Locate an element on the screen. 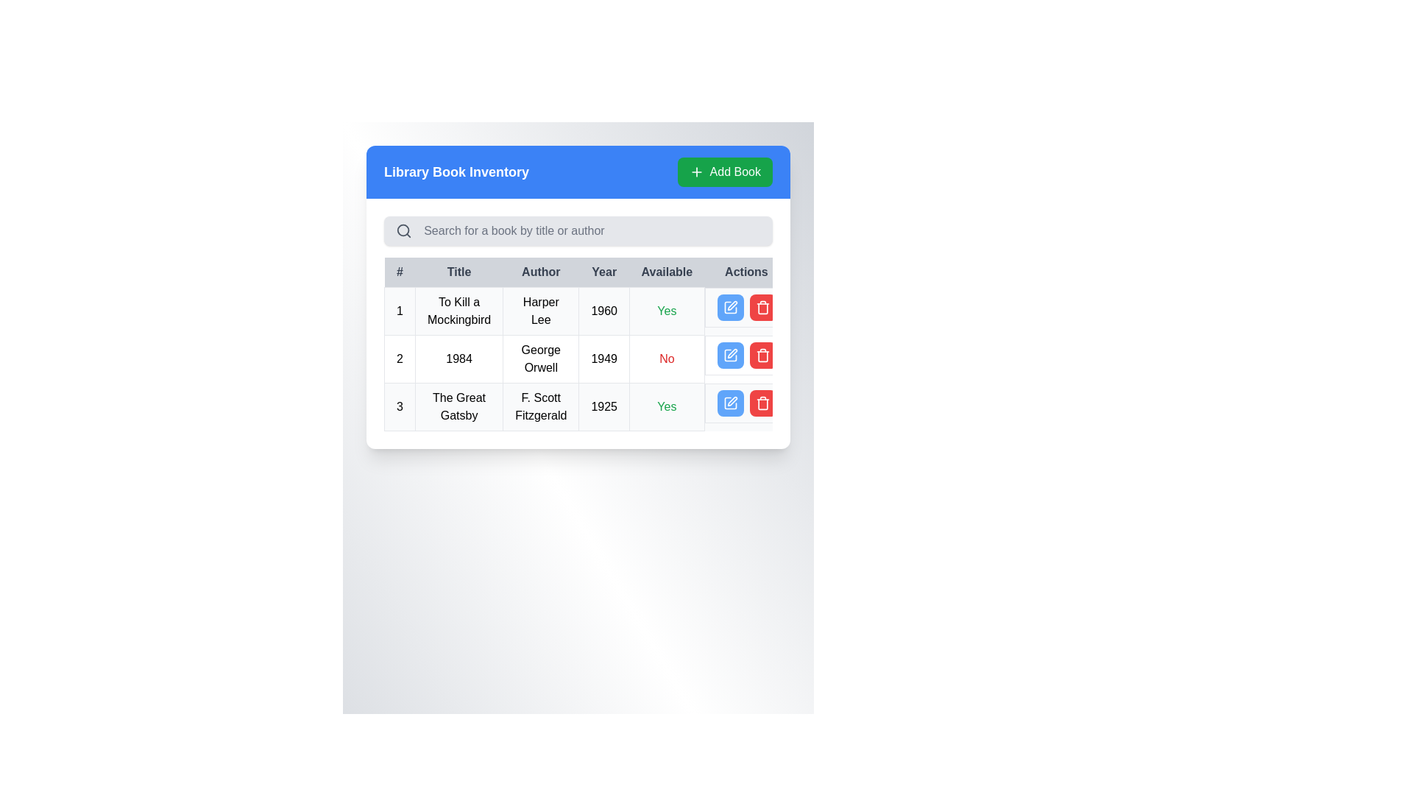  the text indicating the unavailability of the book '1984' in the 'Available' column of the second row is located at coordinates (666, 358).